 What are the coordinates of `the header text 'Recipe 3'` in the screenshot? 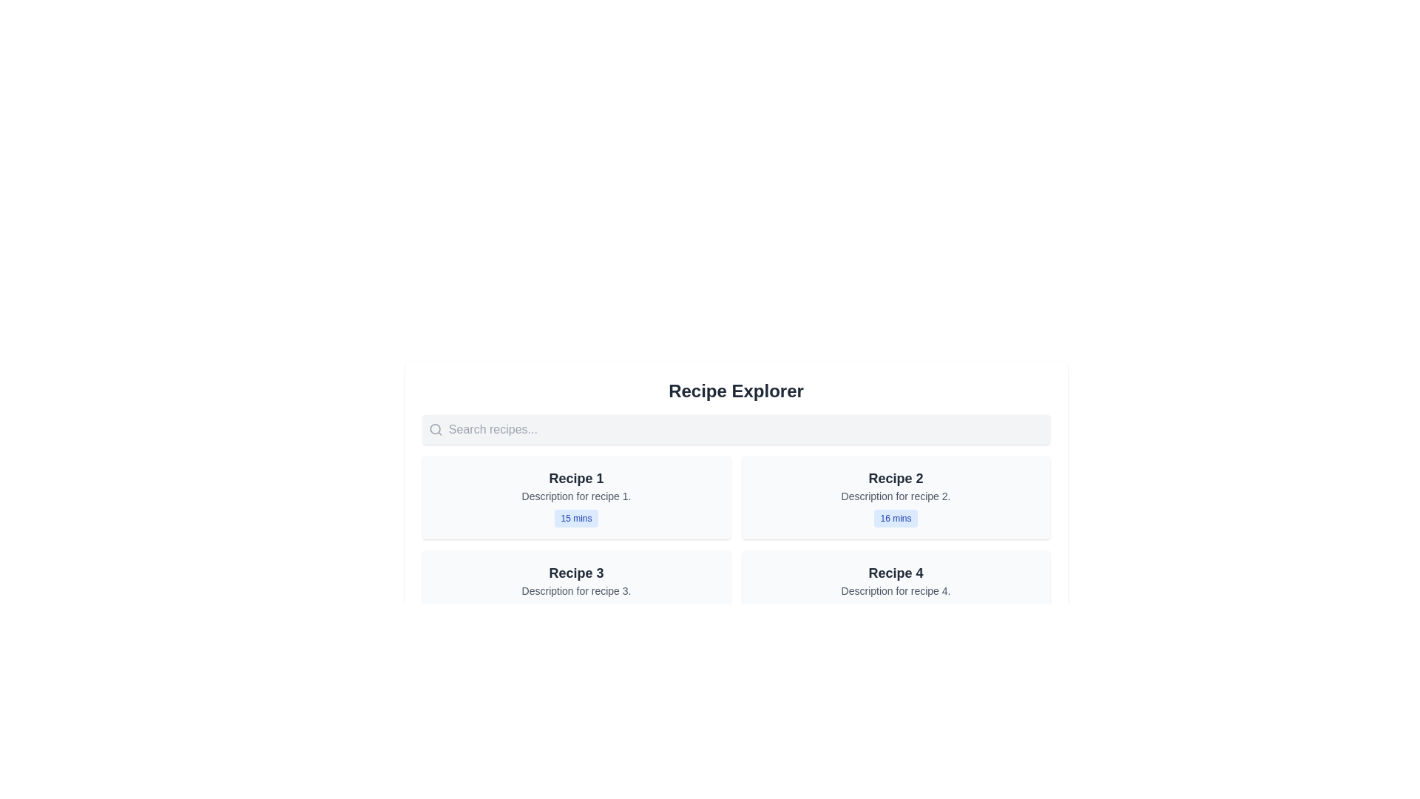 It's located at (575, 573).